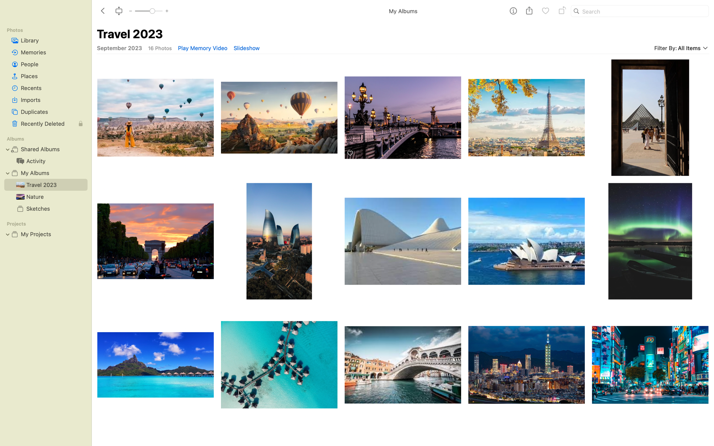 Image resolution: width=714 pixels, height=446 pixels. What do you see at coordinates (279, 114) in the screenshot?
I see `Opt for the second picture showing hot air balloons` at bounding box center [279, 114].